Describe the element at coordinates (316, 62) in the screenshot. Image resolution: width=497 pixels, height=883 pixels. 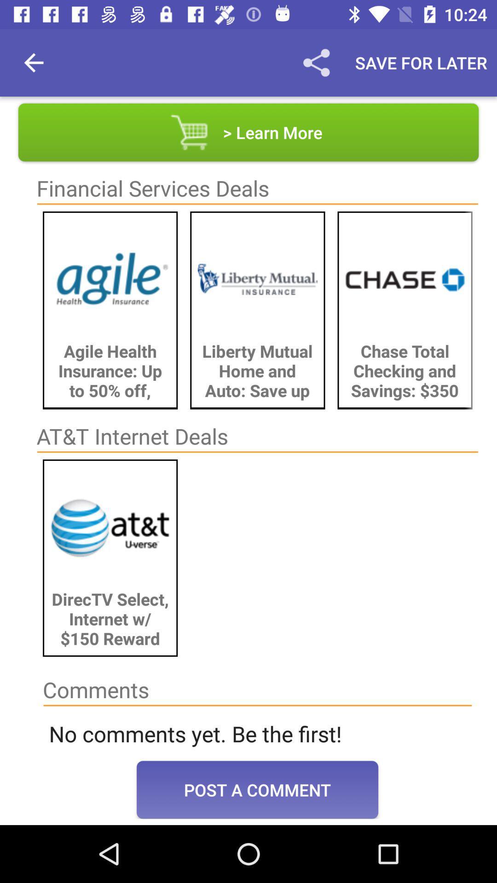
I see `item next to save for later icon` at that location.